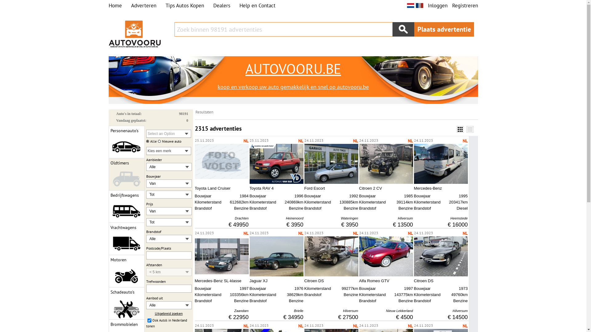 The height and width of the screenshot is (332, 591). What do you see at coordinates (115, 6) in the screenshot?
I see `'Home'` at bounding box center [115, 6].